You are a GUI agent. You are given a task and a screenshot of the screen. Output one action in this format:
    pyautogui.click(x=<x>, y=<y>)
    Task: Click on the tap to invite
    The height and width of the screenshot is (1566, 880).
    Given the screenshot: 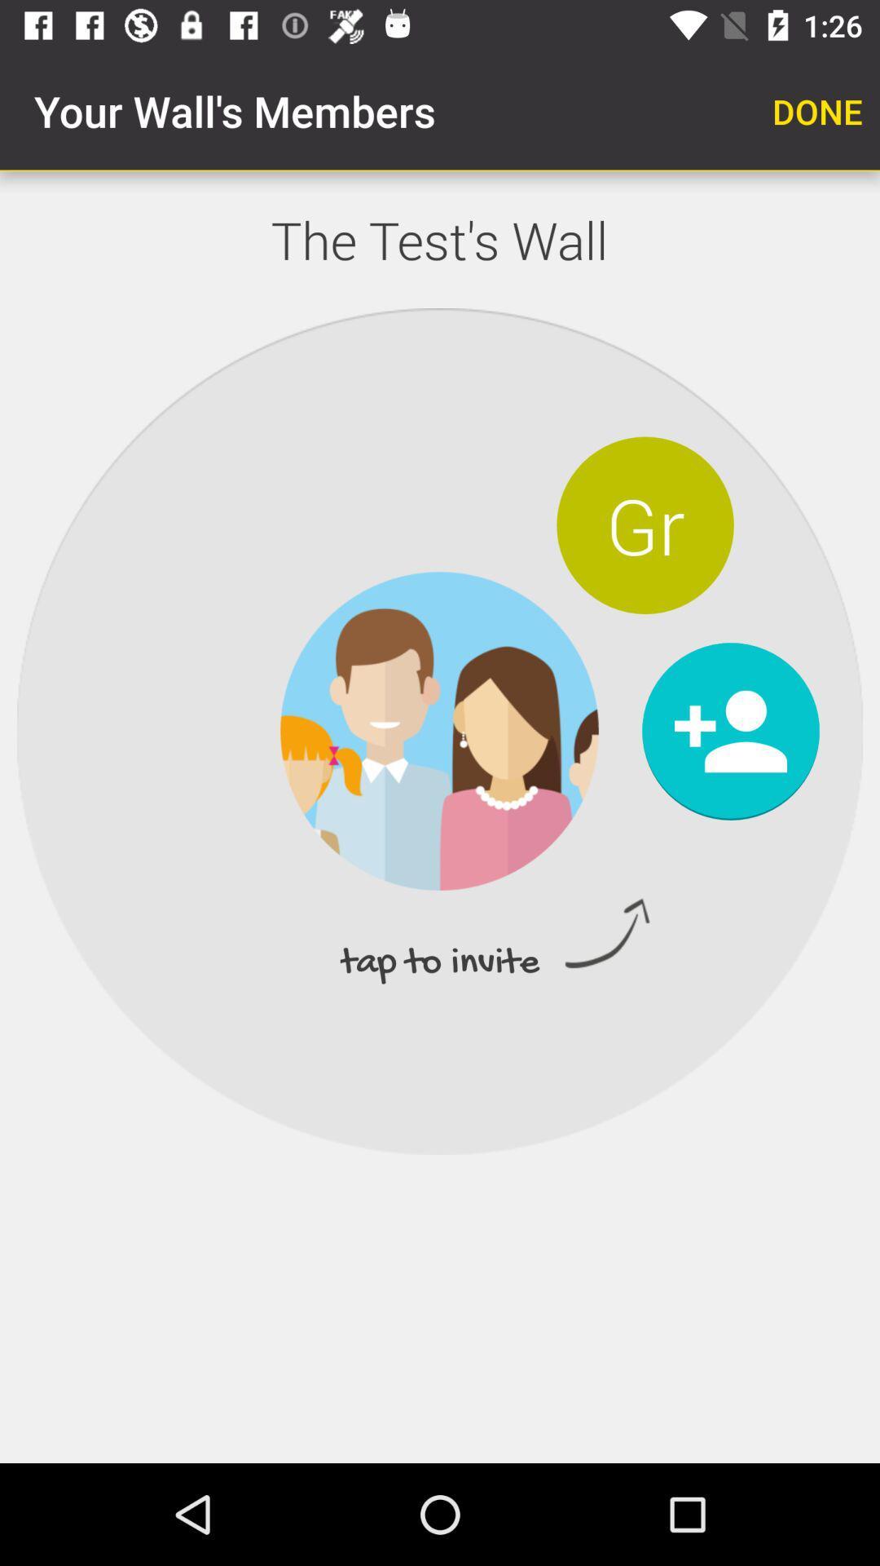 What is the action you would take?
    pyautogui.click(x=730, y=731)
    